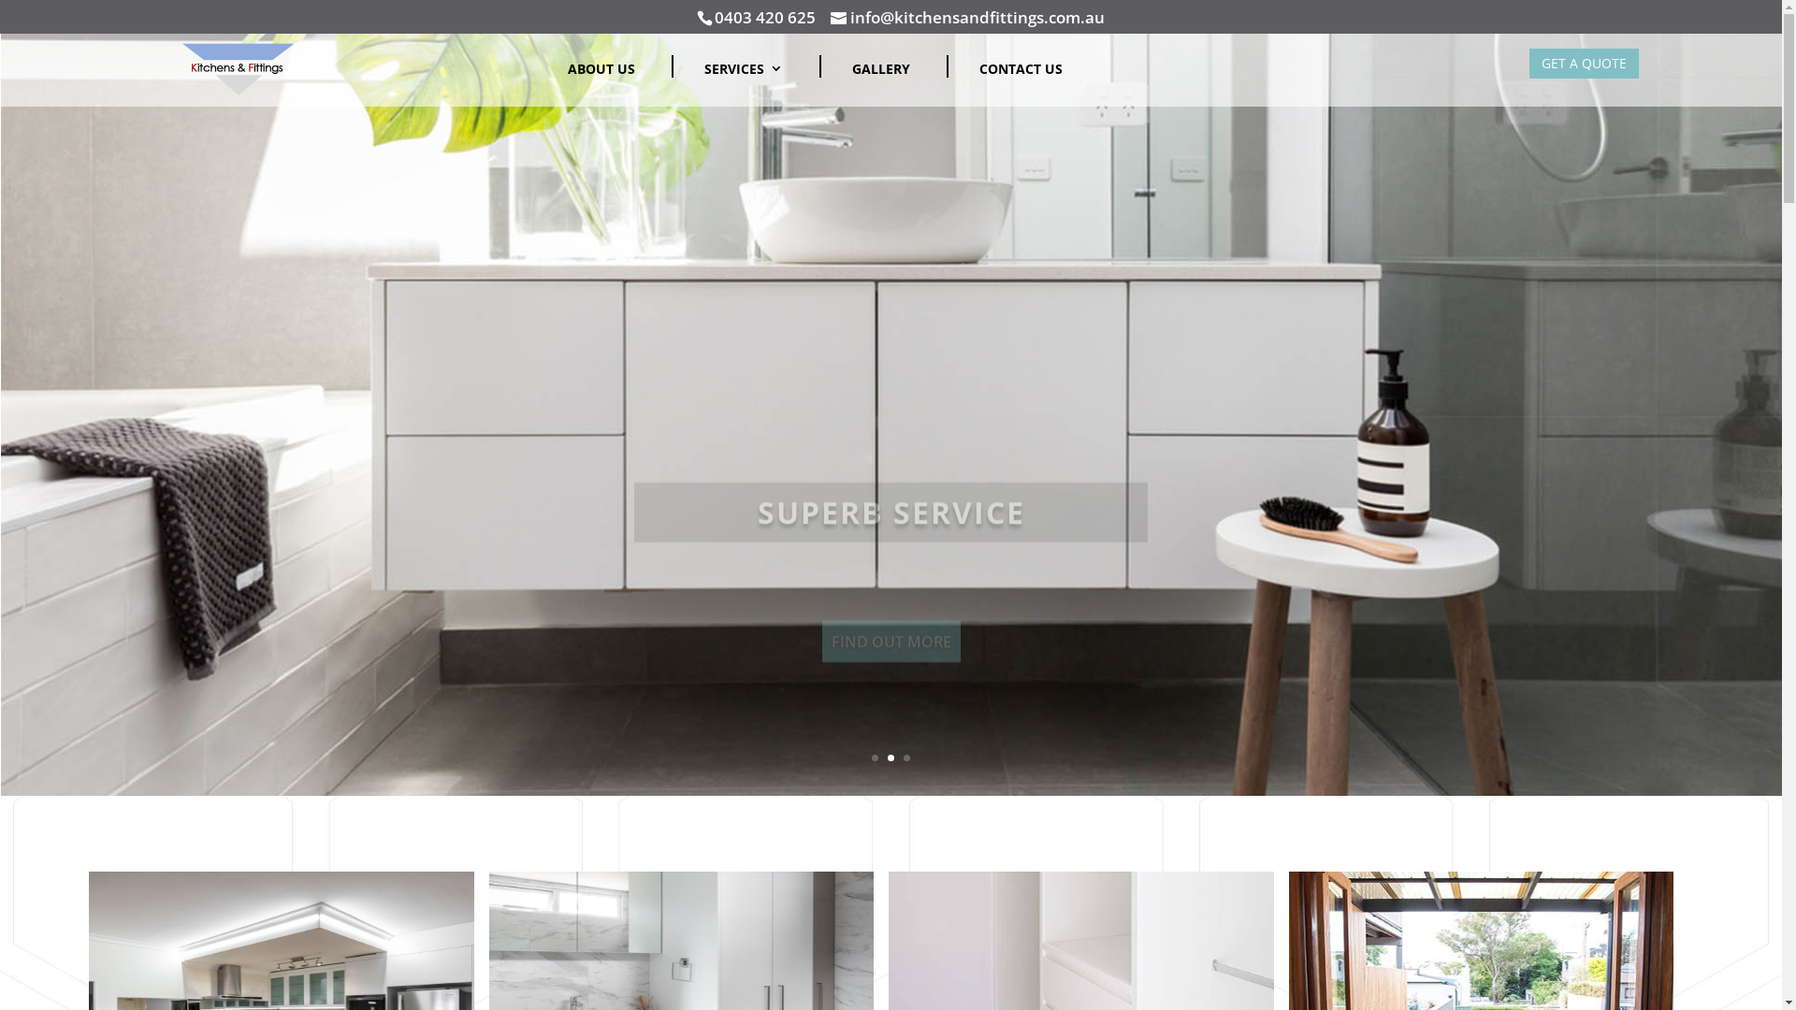  I want to click on 'info@kitchensandfittings.com.au', so click(967, 19).